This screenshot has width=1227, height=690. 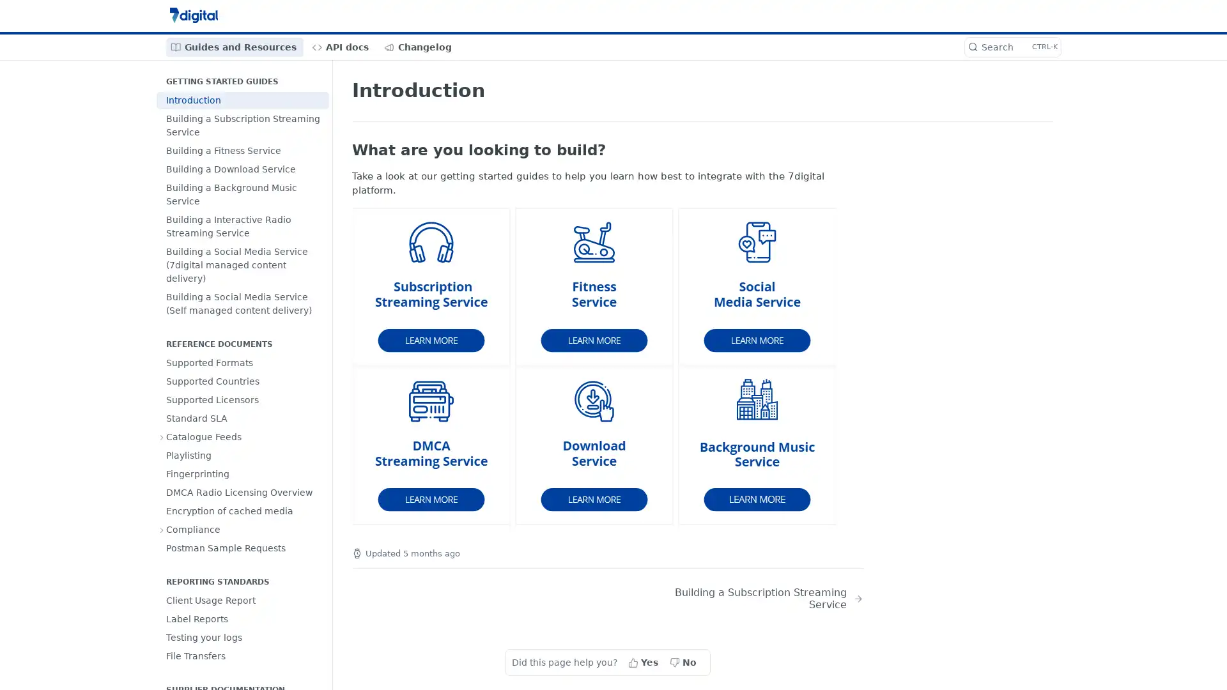 What do you see at coordinates (644, 662) in the screenshot?
I see `Yes` at bounding box center [644, 662].